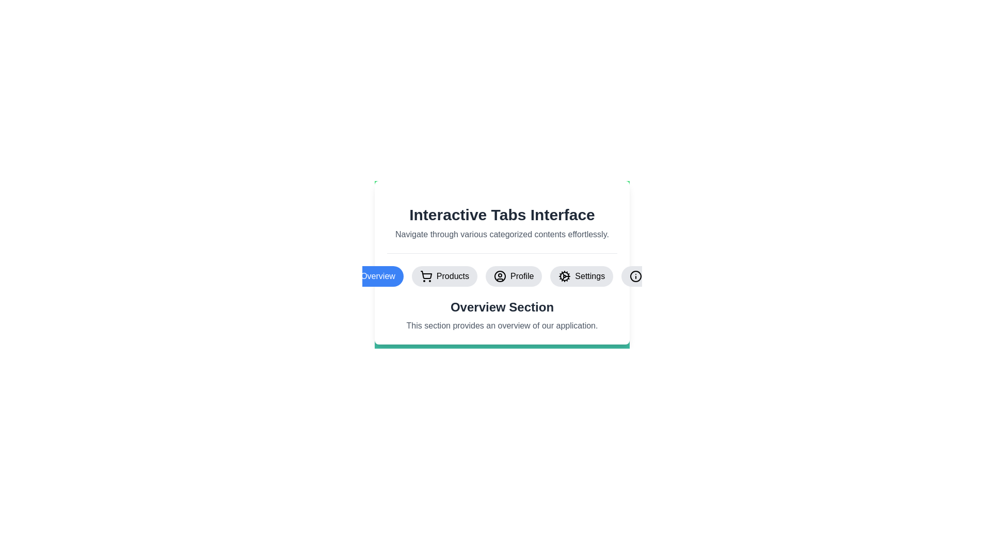 The image size is (991, 557). Describe the element at coordinates (502, 307) in the screenshot. I see `the 'Overview' section title text label, which is located beneath the interactive tabs and above the descriptive text` at that location.